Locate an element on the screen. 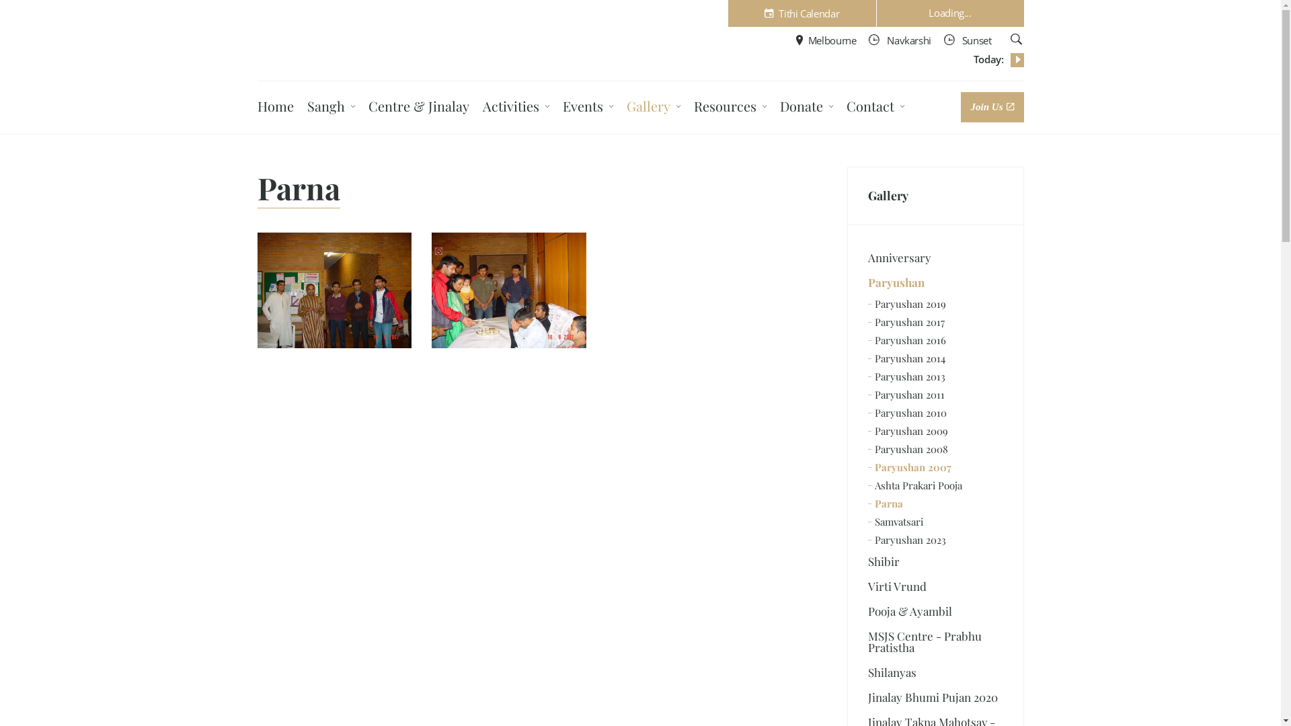 The height and width of the screenshot is (726, 1291). 'Gallery' is located at coordinates (657, 108).